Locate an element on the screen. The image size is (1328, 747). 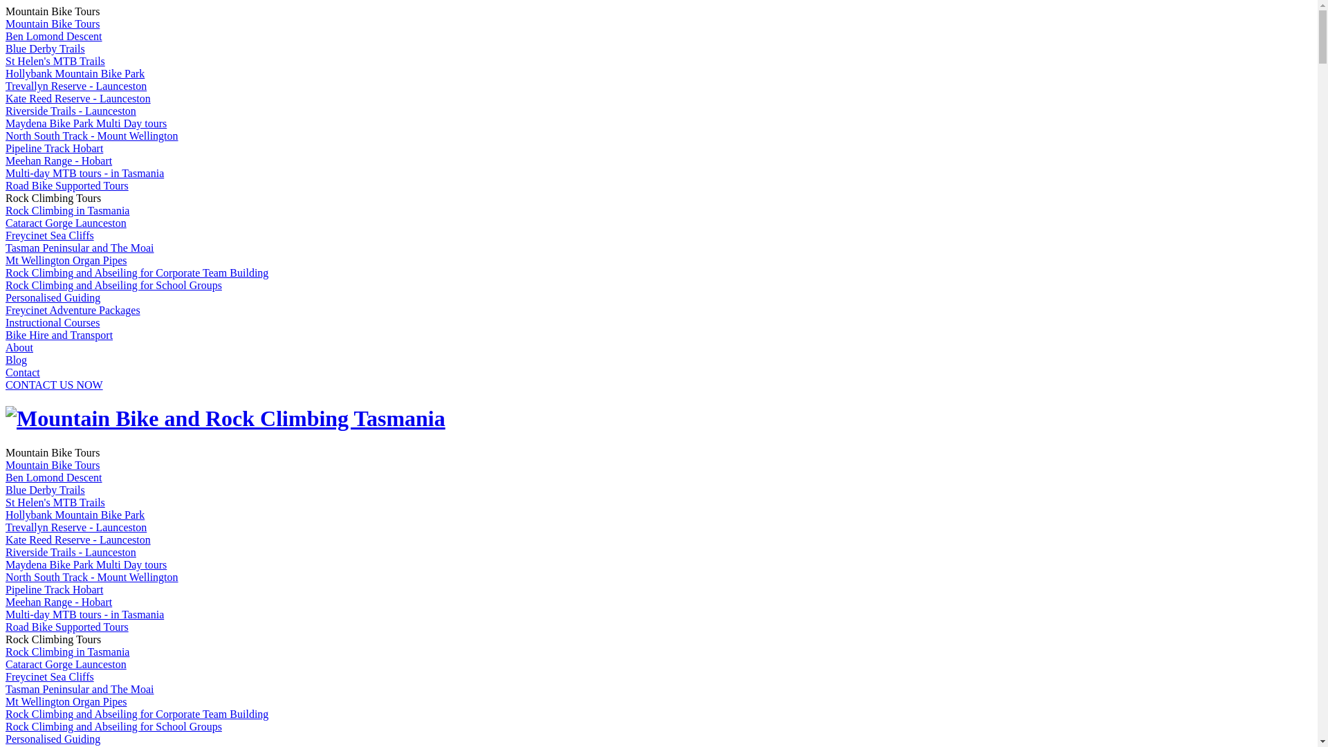
'North South Track - Mount Wellington' is located at coordinates (91, 577).